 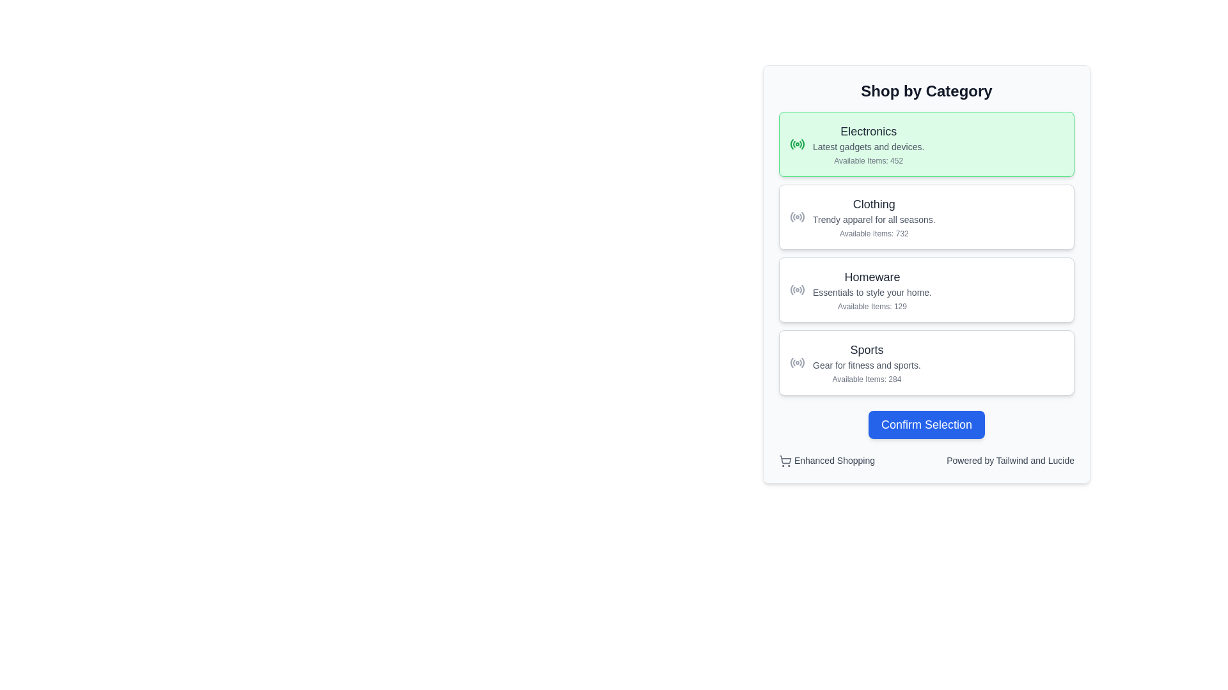 What do you see at coordinates (797, 290) in the screenshot?
I see `the 'Homeware' category icon located in the third item from the top in the vertical list of selectable categories` at bounding box center [797, 290].